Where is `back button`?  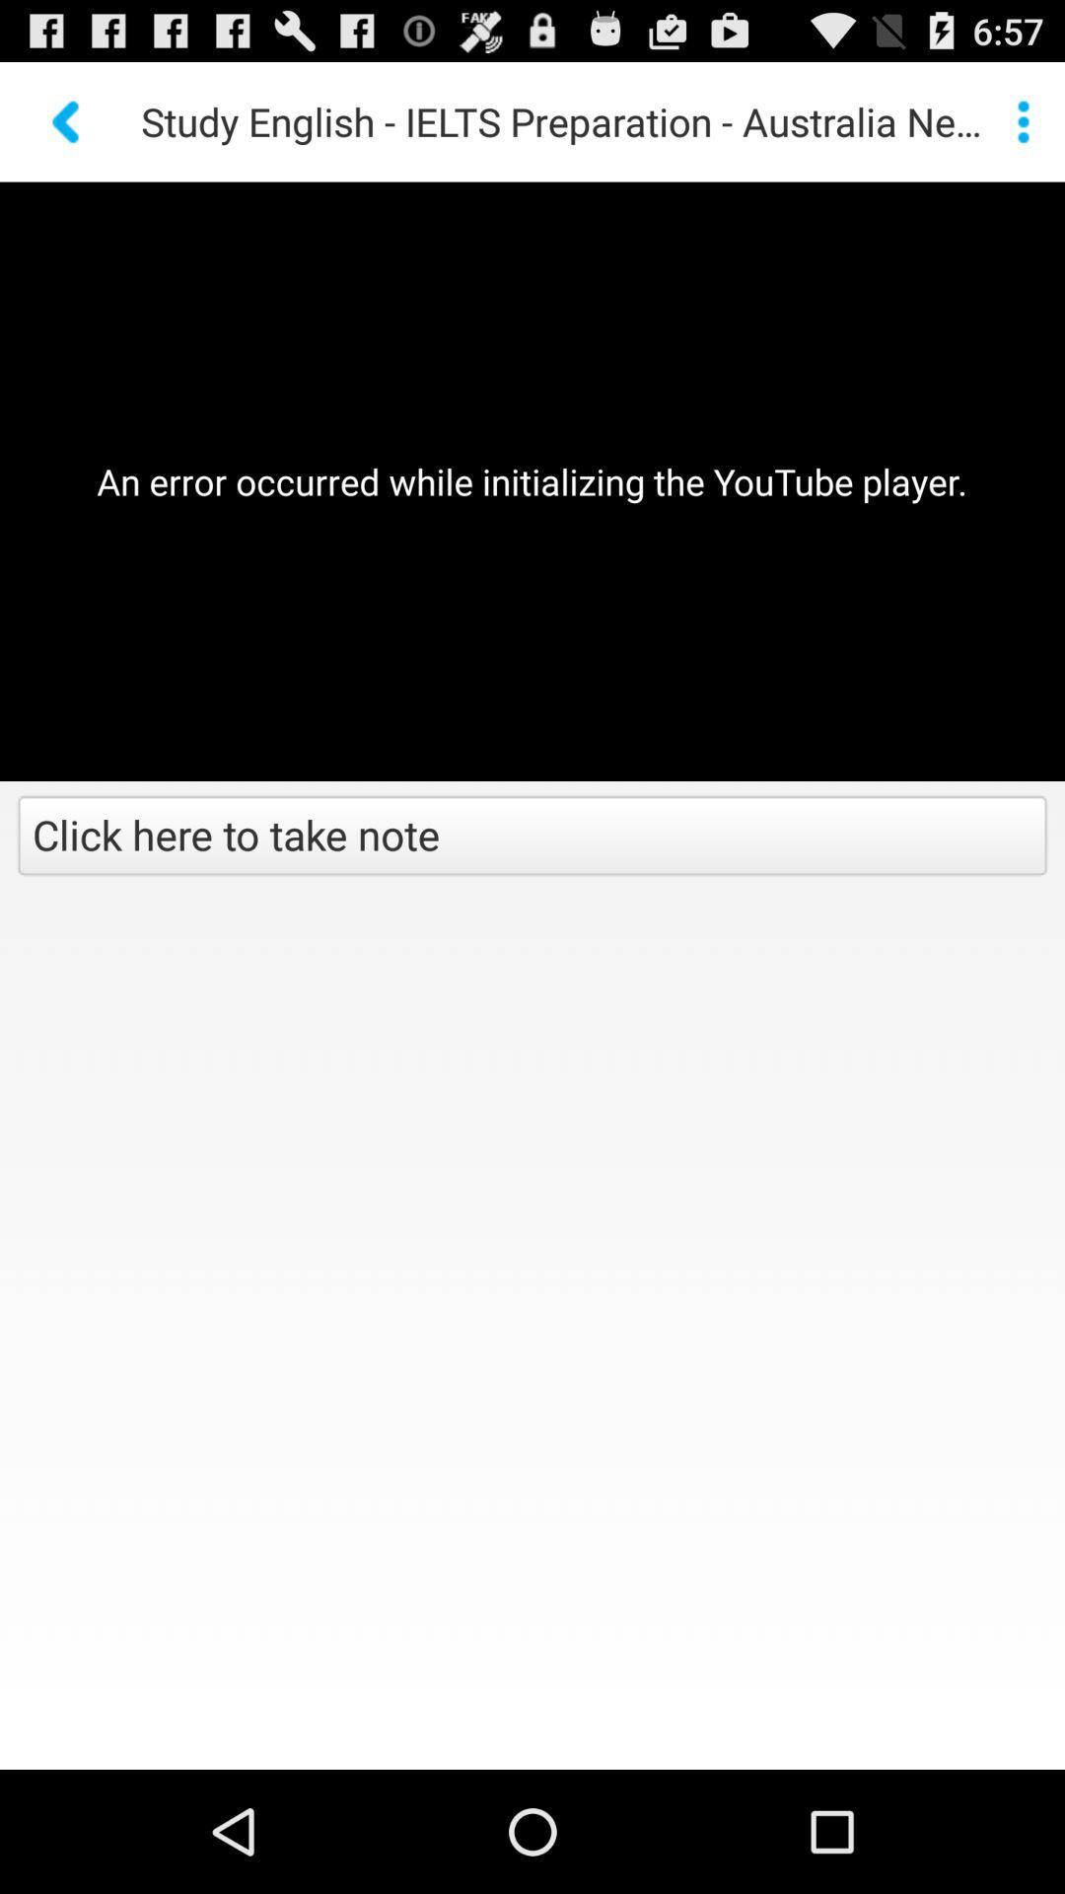
back button is located at coordinates (67, 120).